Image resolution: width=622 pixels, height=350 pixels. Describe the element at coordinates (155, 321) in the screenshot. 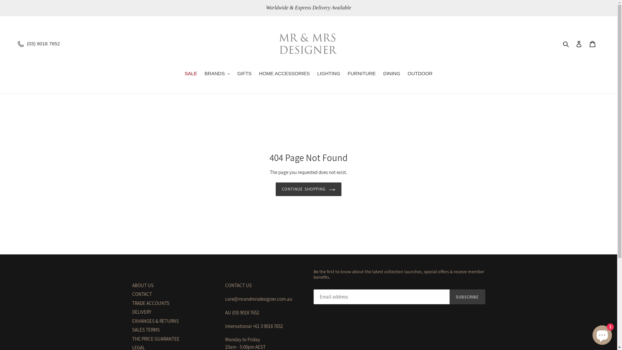

I see `'EXHANGES & RETURNS'` at that location.